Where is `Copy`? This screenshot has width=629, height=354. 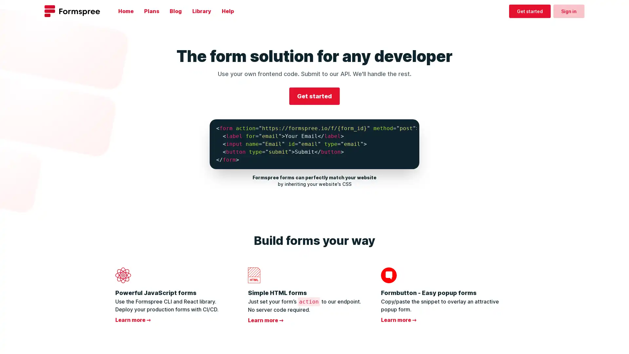
Copy is located at coordinates (408, 130).